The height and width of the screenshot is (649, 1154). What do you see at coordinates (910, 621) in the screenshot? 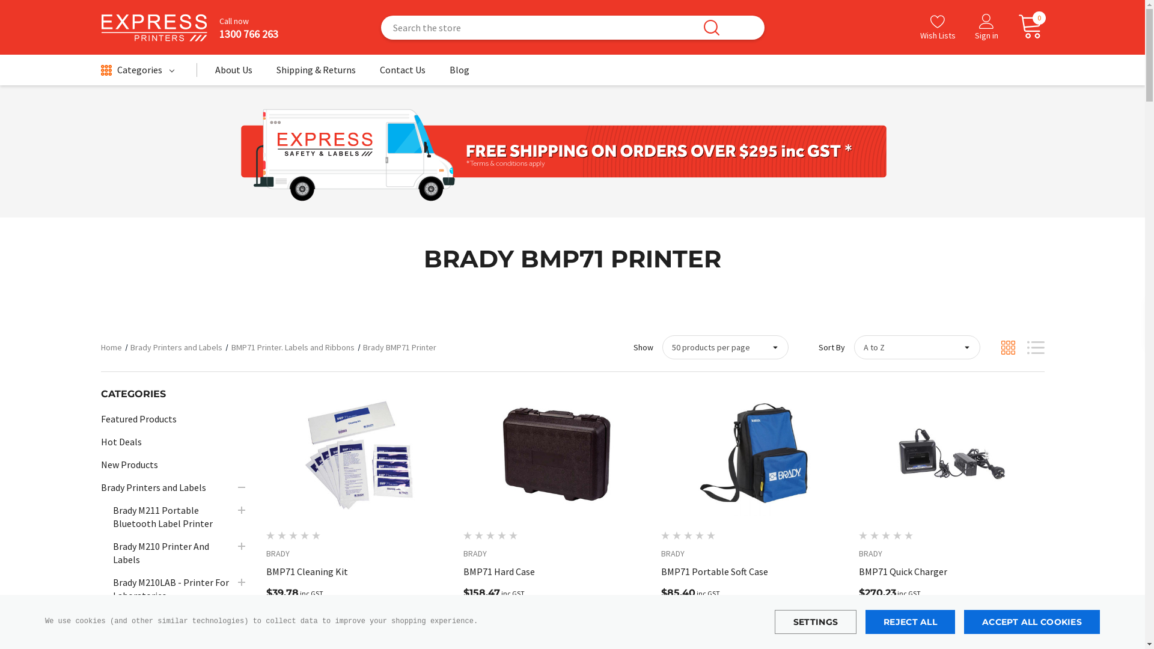
I see `'REJECT ALL'` at bounding box center [910, 621].